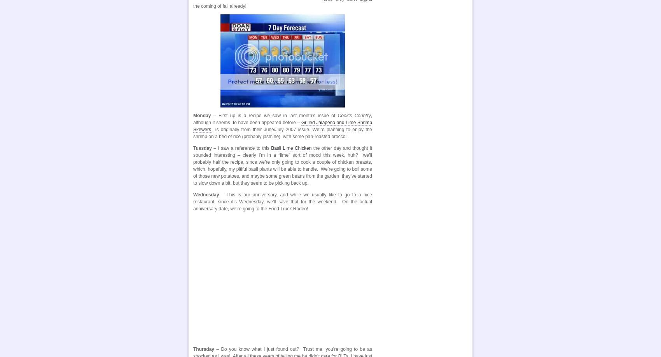 The width and height of the screenshot is (661, 357). I want to click on 'Monday', so click(202, 115).